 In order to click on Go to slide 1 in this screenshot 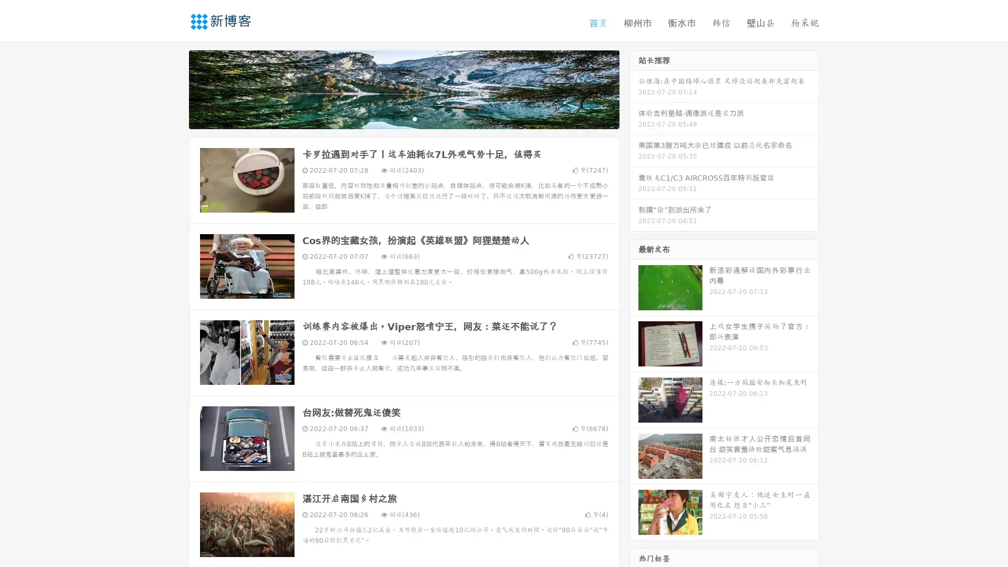, I will do `click(393, 118)`.